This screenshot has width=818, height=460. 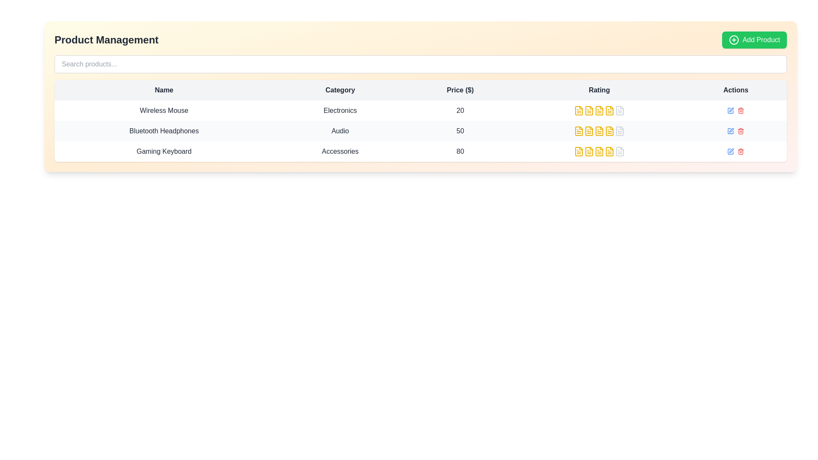 I want to click on the active yellow rating icon, which is the fourth icon in the rating group of the last row in the product table, so click(x=599, y=151).